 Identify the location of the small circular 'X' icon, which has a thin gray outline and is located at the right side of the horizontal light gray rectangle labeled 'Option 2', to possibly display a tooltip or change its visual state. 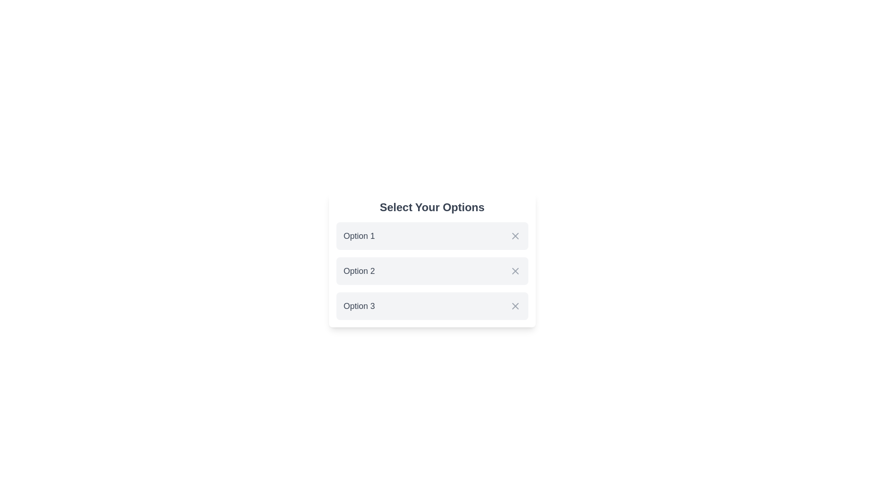
(515, 270).